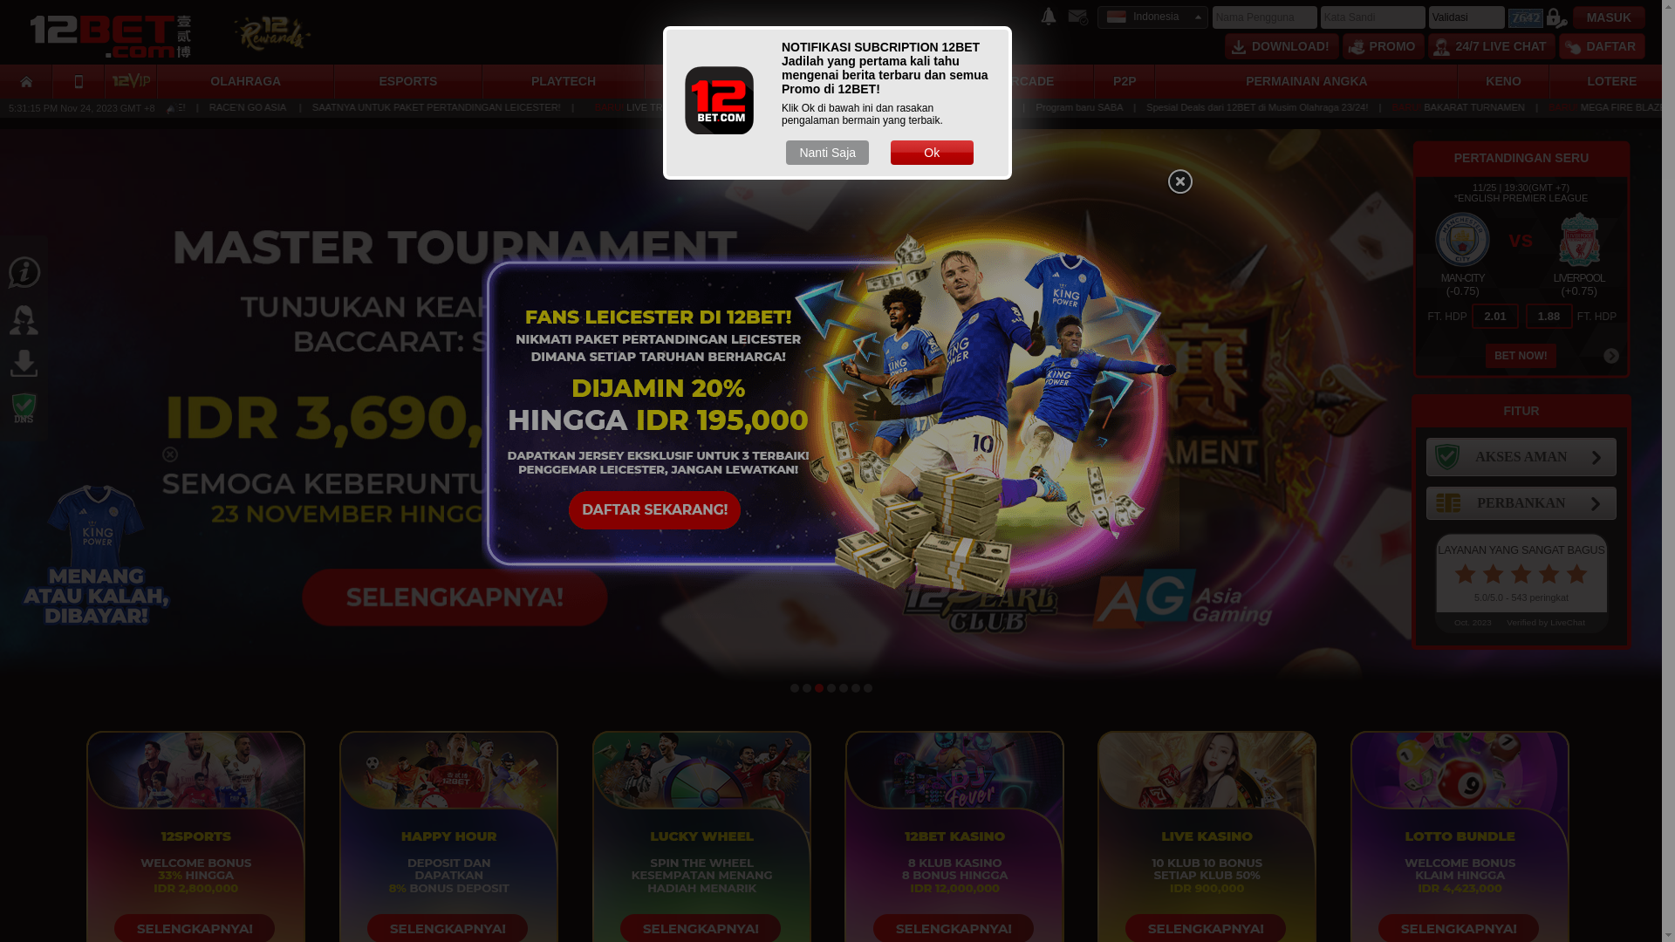  I want to click on 'DAFTAR', so click(1602, 45).